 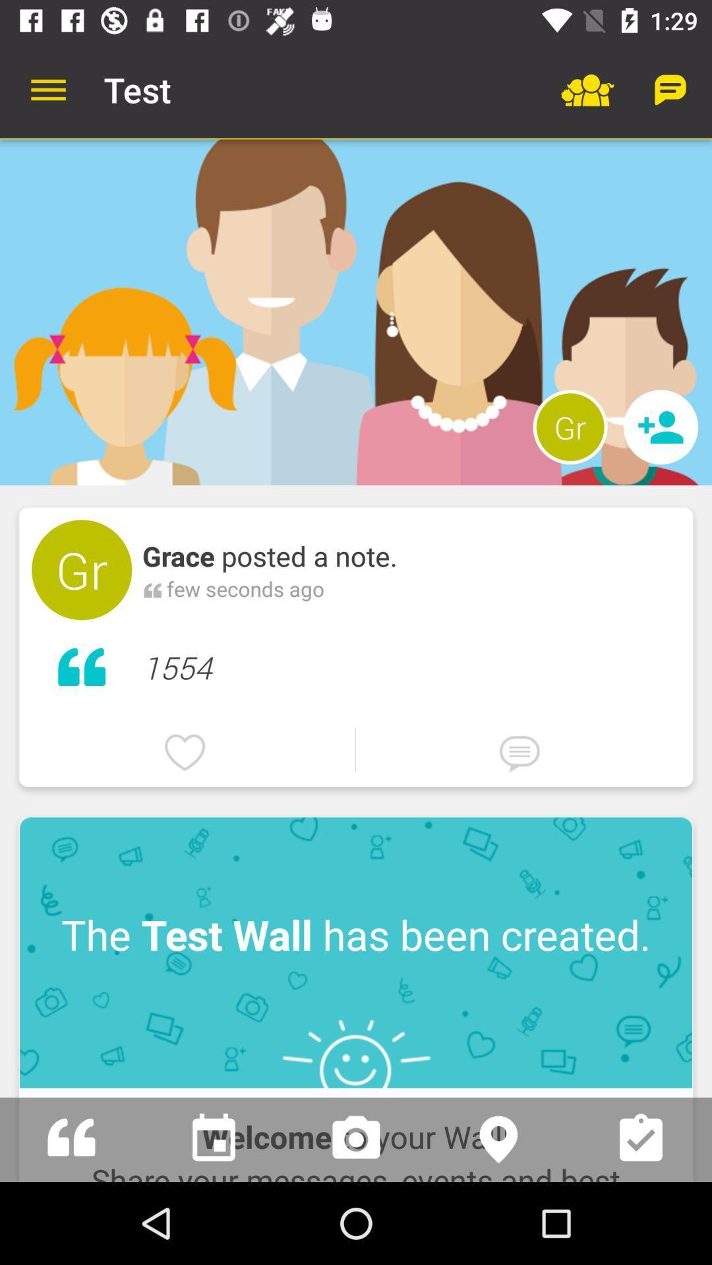 I want to click on callendar, so click(x=213, y=1138).